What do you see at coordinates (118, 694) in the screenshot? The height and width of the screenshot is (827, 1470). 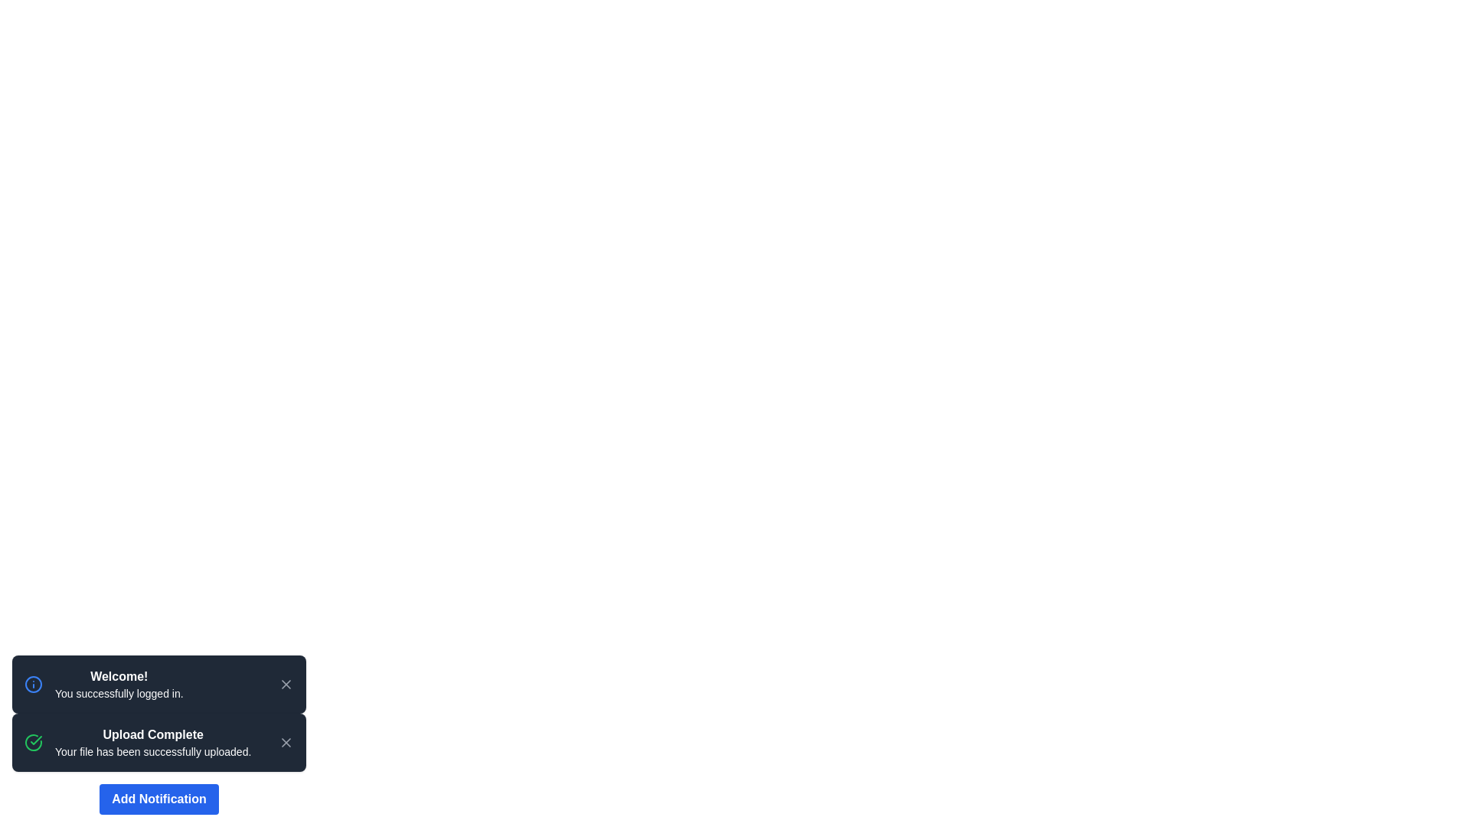 I see `confirmation message text indicating a successful login attempt, which is located directly beneath the 'Welcome!' text in the notification card` at bounding box center [118, 694].